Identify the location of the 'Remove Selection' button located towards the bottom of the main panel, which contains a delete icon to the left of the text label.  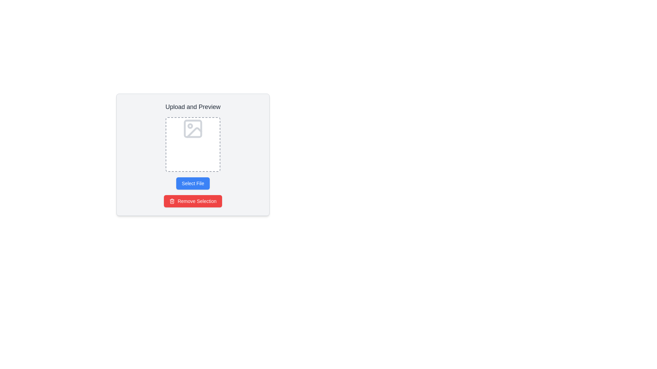
(172, 201).